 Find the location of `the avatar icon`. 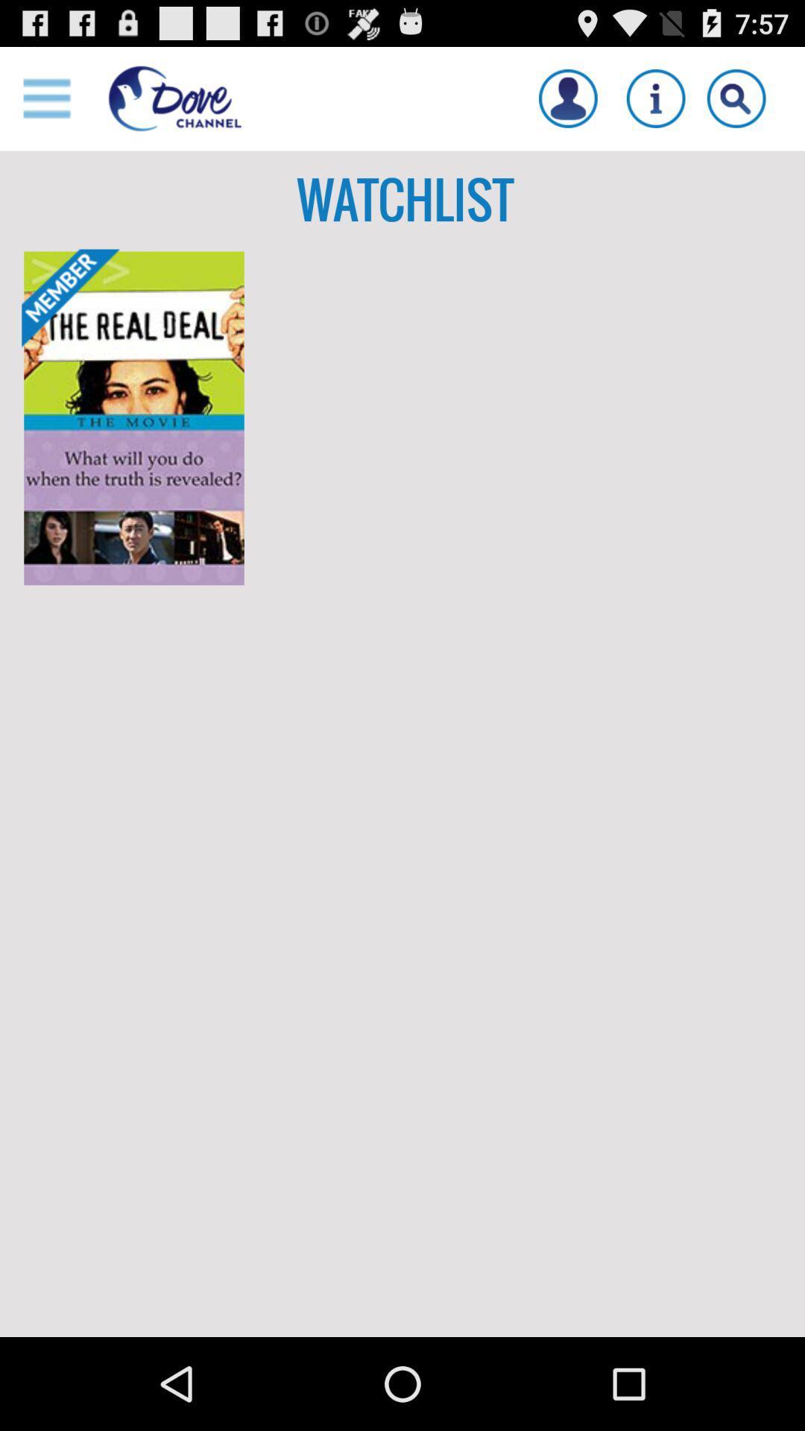

the avatar icon is located at coordinates (568, 104).